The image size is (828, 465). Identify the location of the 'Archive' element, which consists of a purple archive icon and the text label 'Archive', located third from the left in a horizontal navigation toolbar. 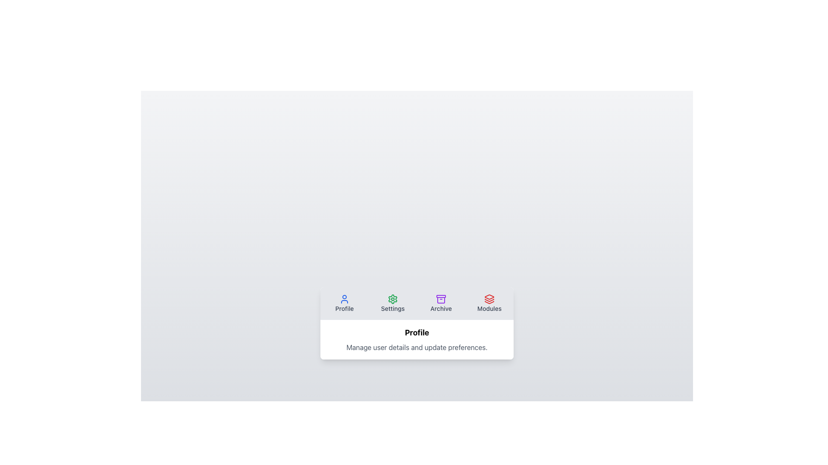
(441, 303).